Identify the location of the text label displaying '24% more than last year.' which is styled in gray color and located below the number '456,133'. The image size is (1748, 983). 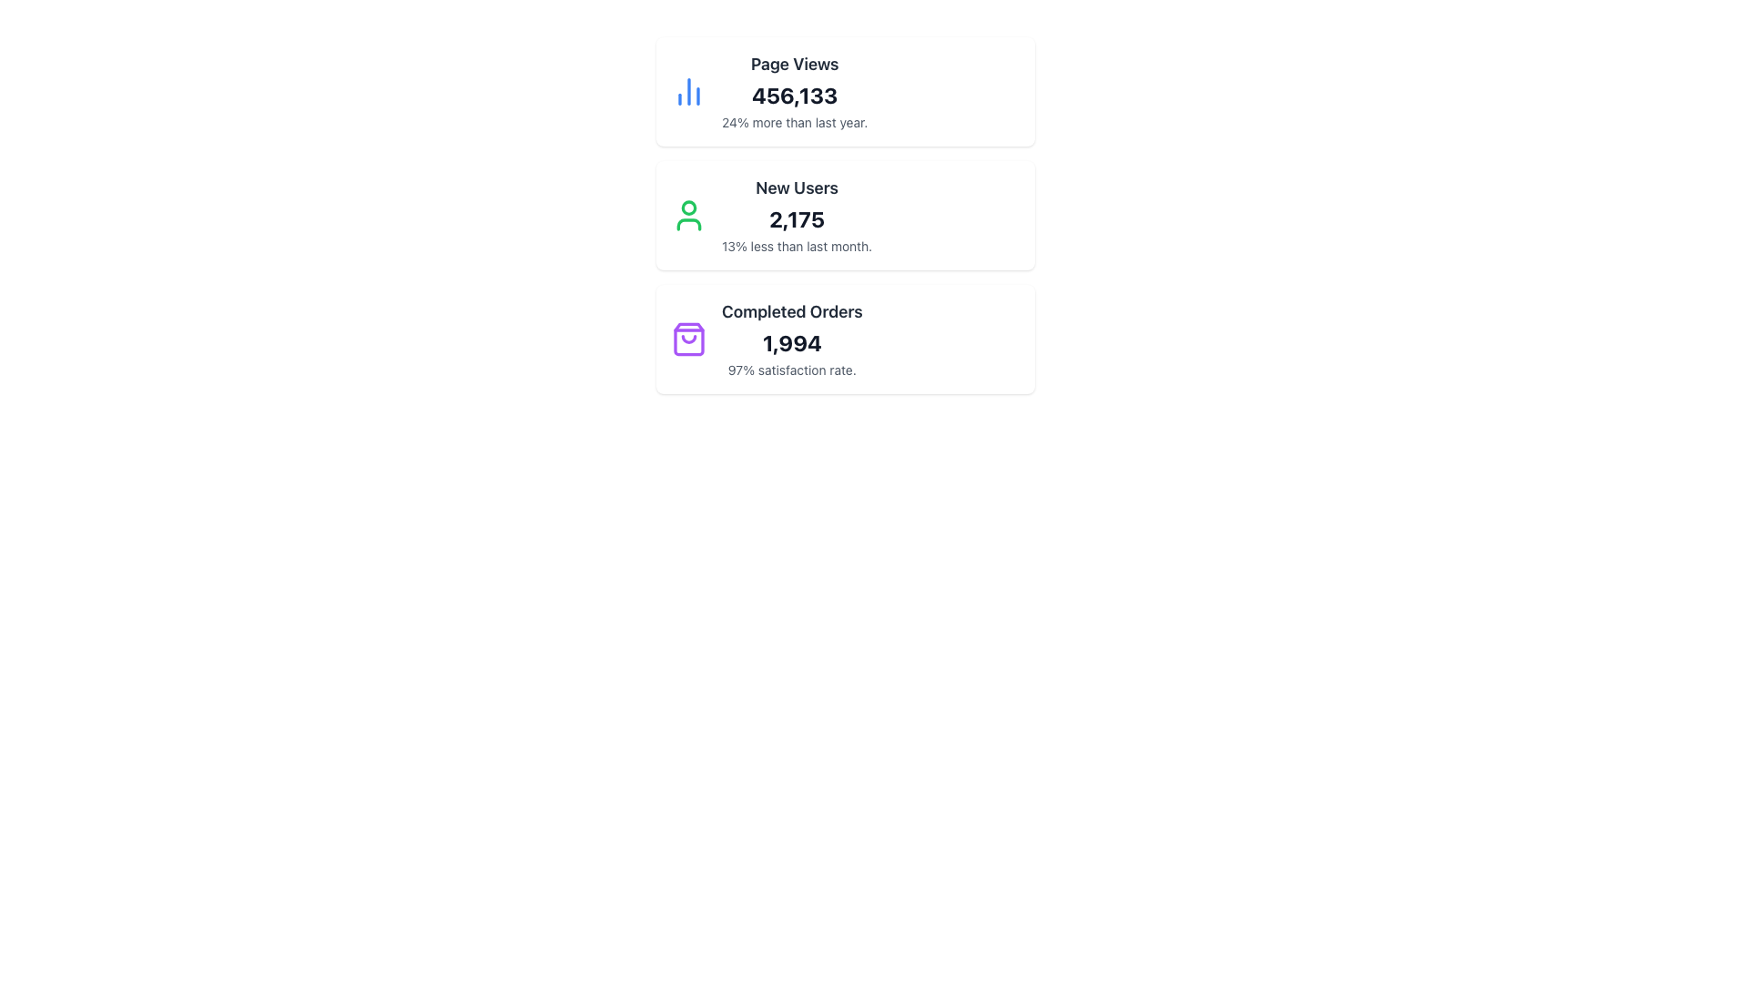
(795, 123).